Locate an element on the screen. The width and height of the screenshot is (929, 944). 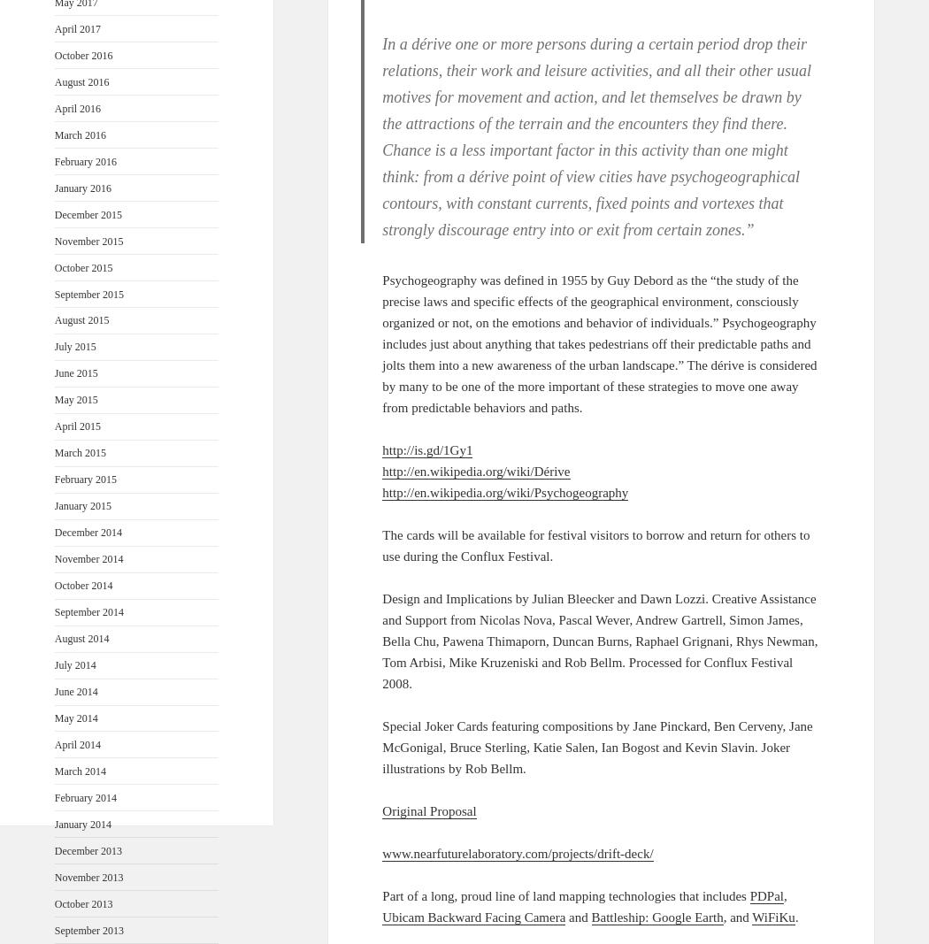
'December 2014' is located at coordinates (88, 533).